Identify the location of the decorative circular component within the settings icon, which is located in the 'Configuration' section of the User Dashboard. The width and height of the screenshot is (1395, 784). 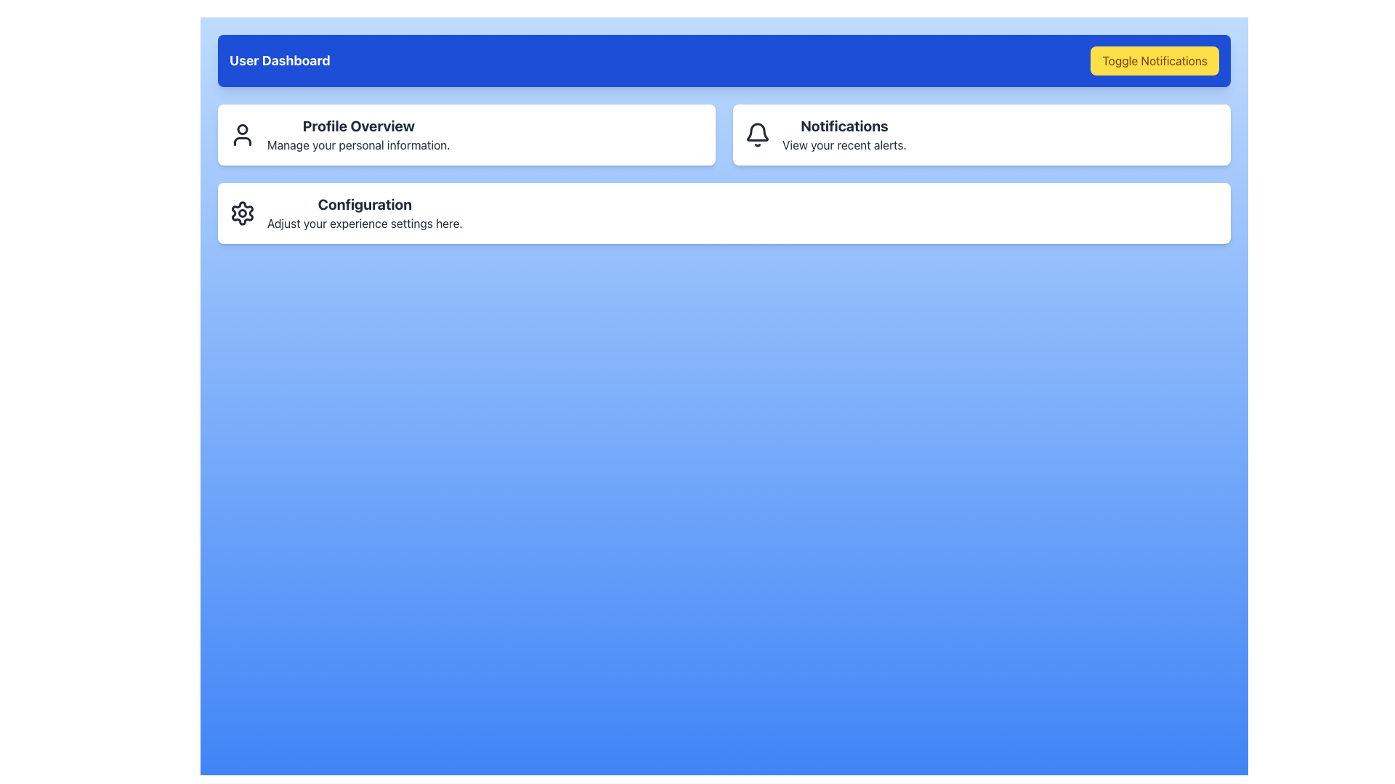
(243, 213).